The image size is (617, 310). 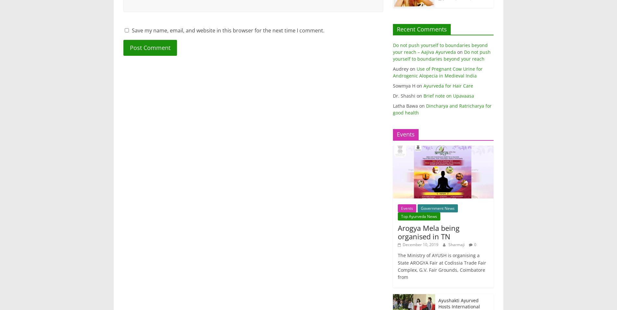 I want to click on 'Dincharya and Ratricharya for good health', so click(x=392, y=109).